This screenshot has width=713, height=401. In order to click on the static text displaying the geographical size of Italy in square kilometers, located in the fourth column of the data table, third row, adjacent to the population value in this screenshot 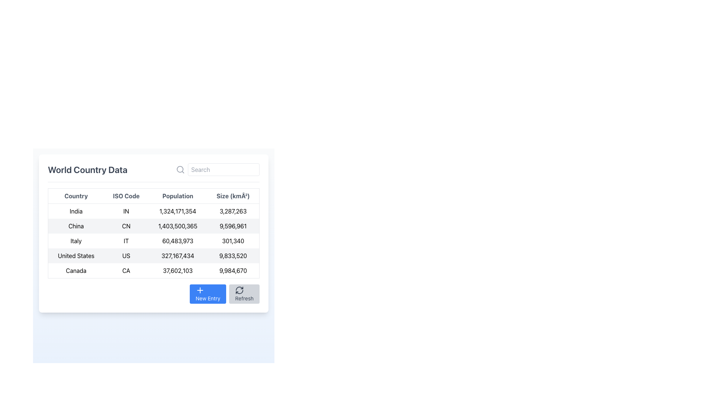, I will do `click(233, 241)`.